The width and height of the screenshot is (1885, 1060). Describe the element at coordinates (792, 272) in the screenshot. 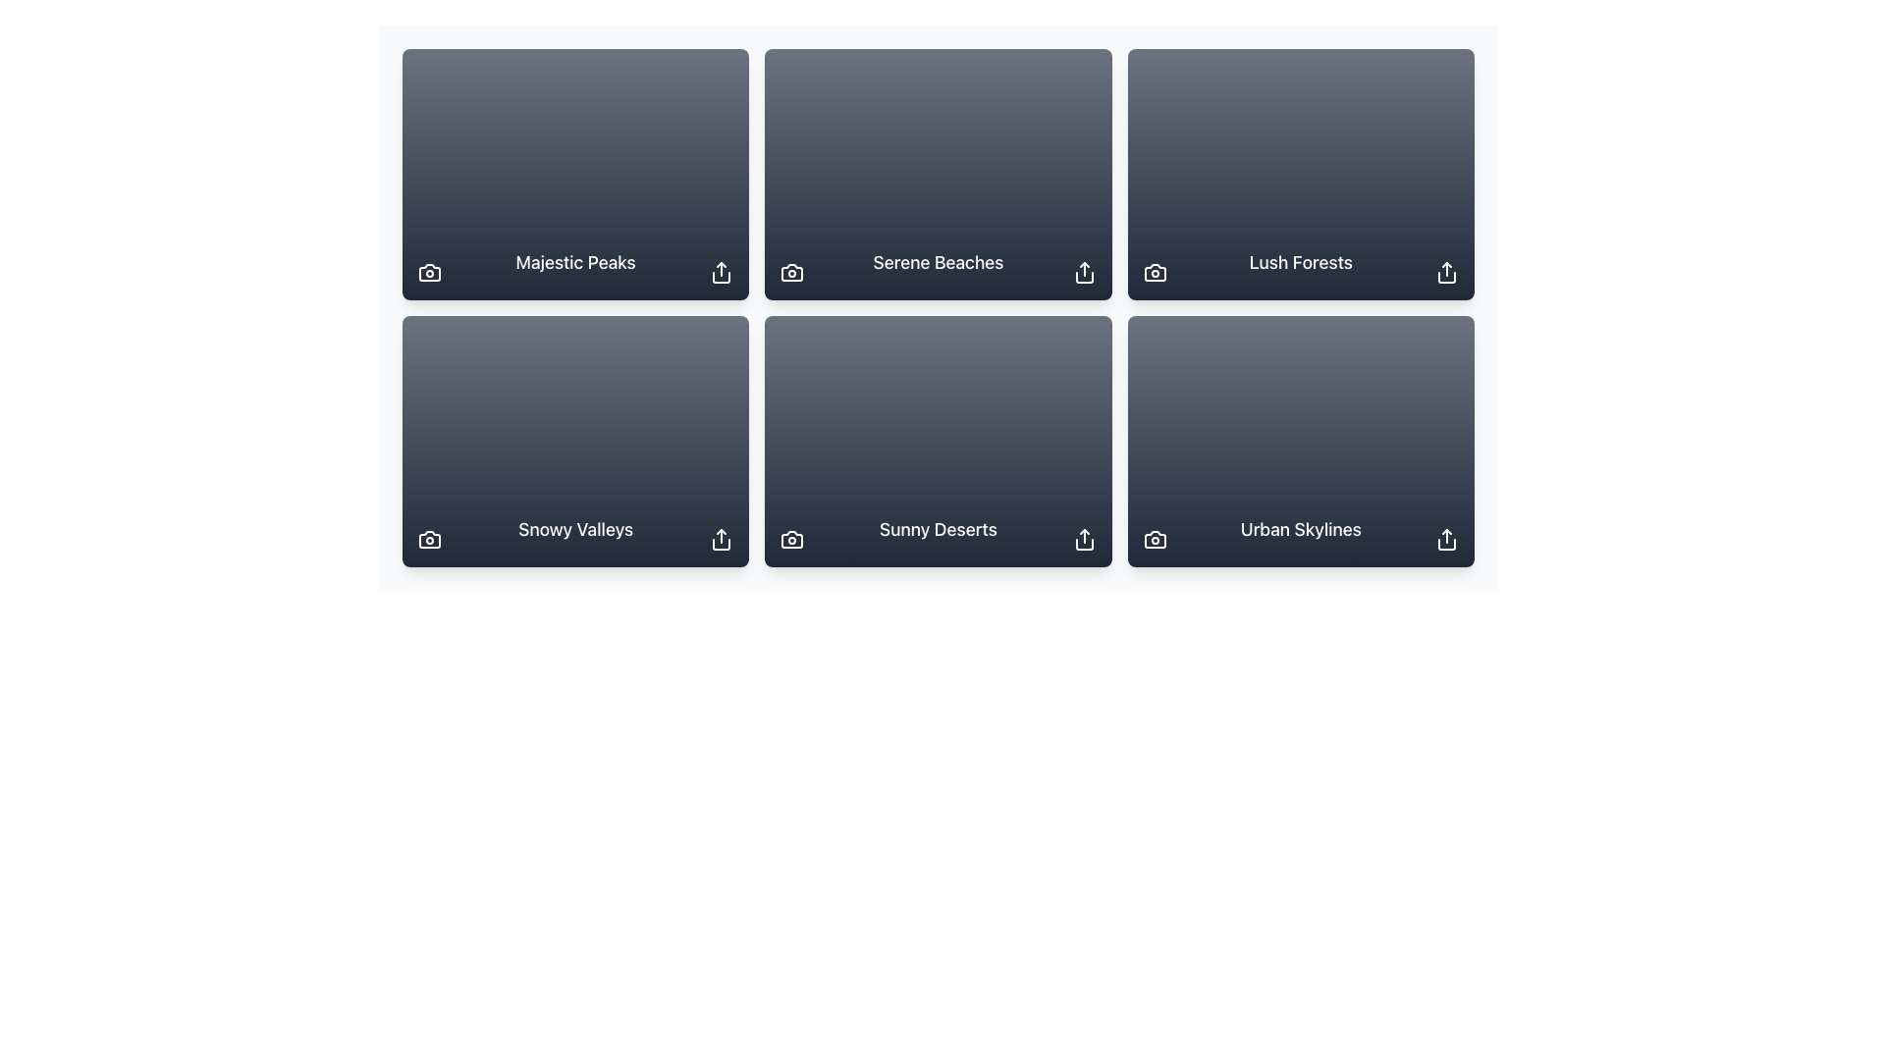

I see `the camera body part of the SVG camera icon, which is white and located in the lower left corner of the 'Serene Beaches' card in the grid layout` at that location.